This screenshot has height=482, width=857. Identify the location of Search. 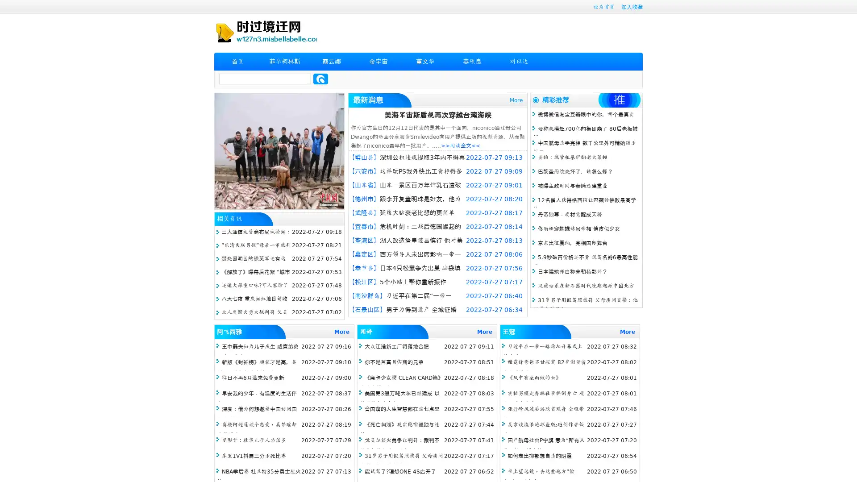
(320, 79).